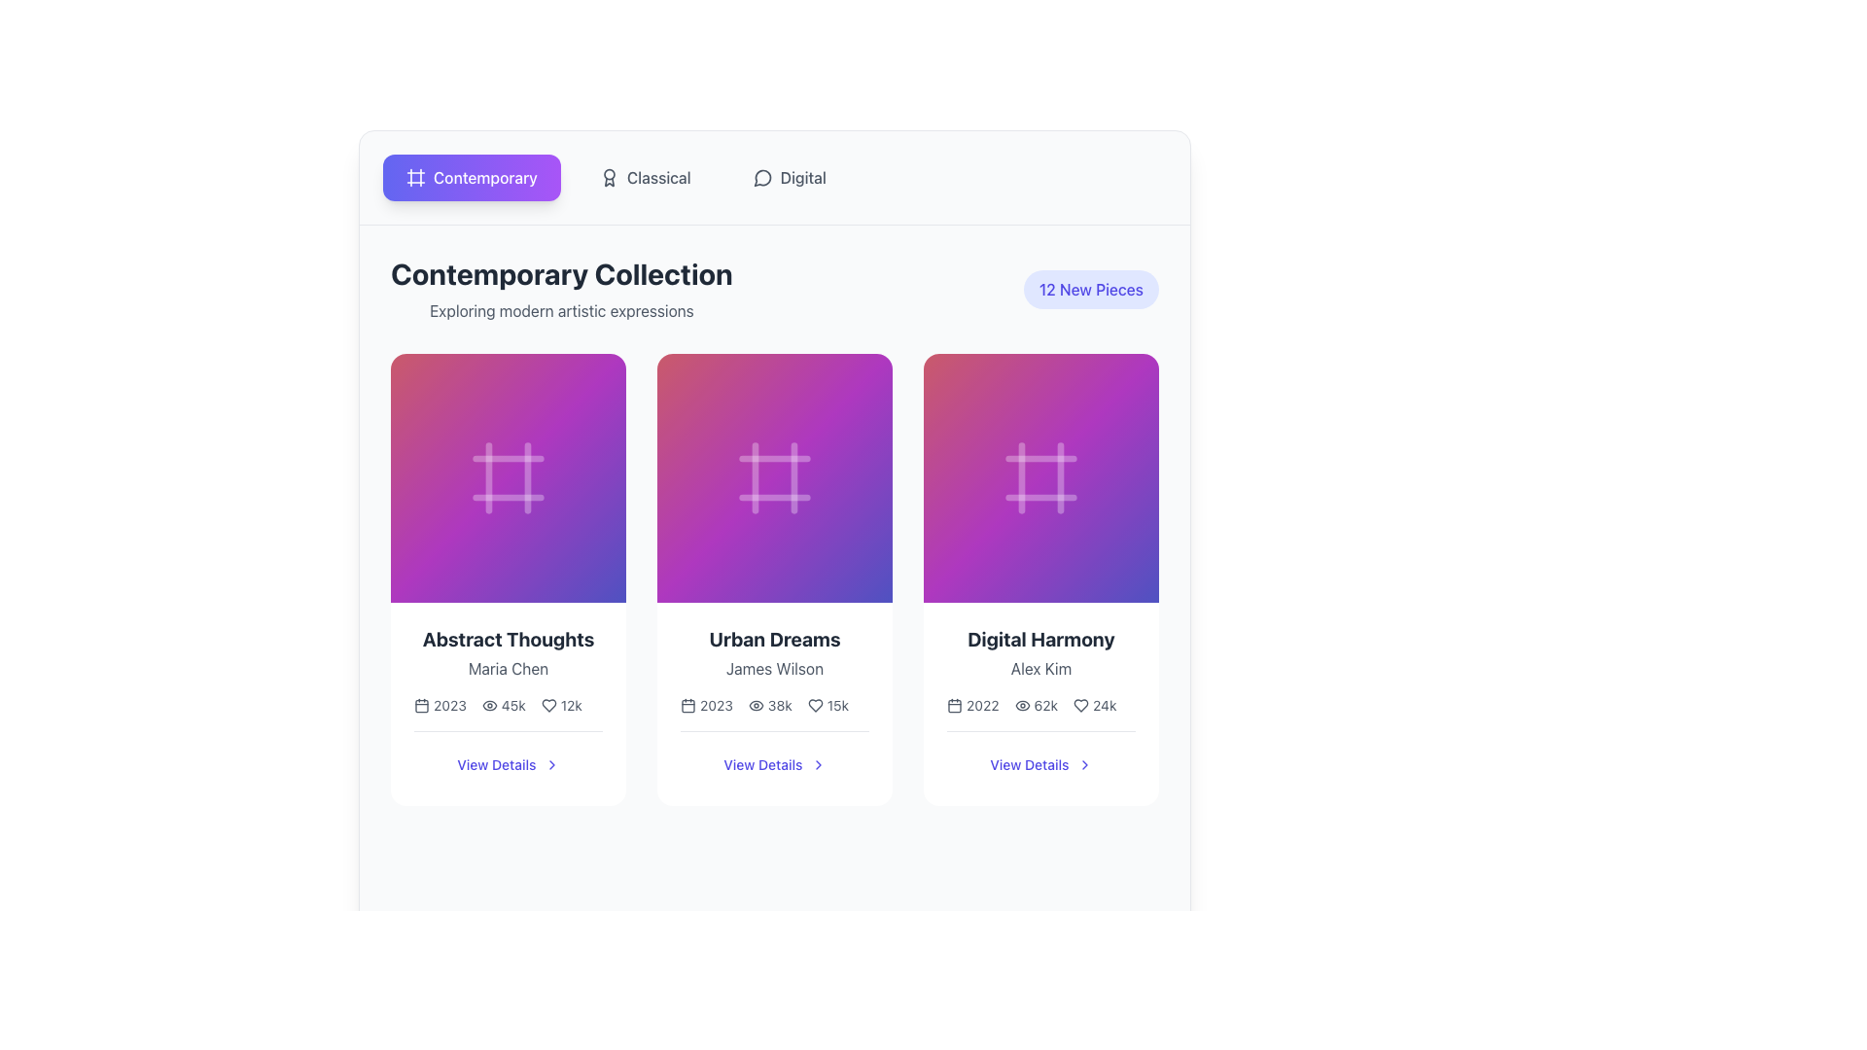  I want to click on the List item in the second column of the Contemporary Collection, which features a gradient background, title, author's name, and metadata including a call-to-action link labeled 'View Details', so click(773, 578).